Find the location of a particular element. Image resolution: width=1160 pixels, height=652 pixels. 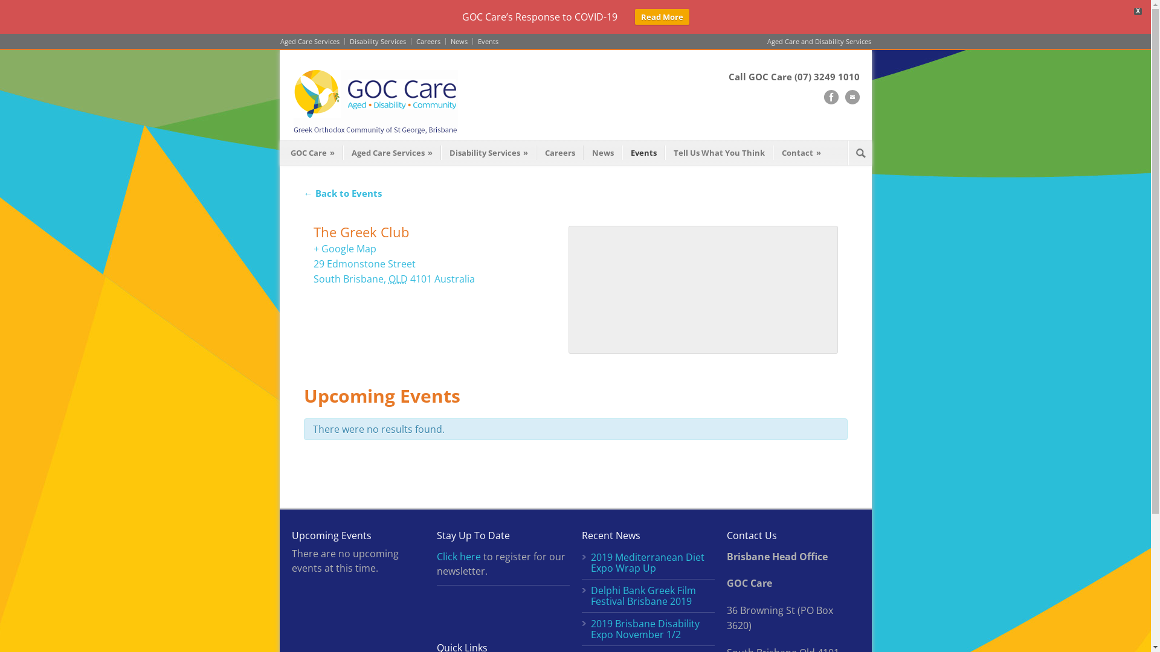

'Careers' is located at coordinates (428, 40).